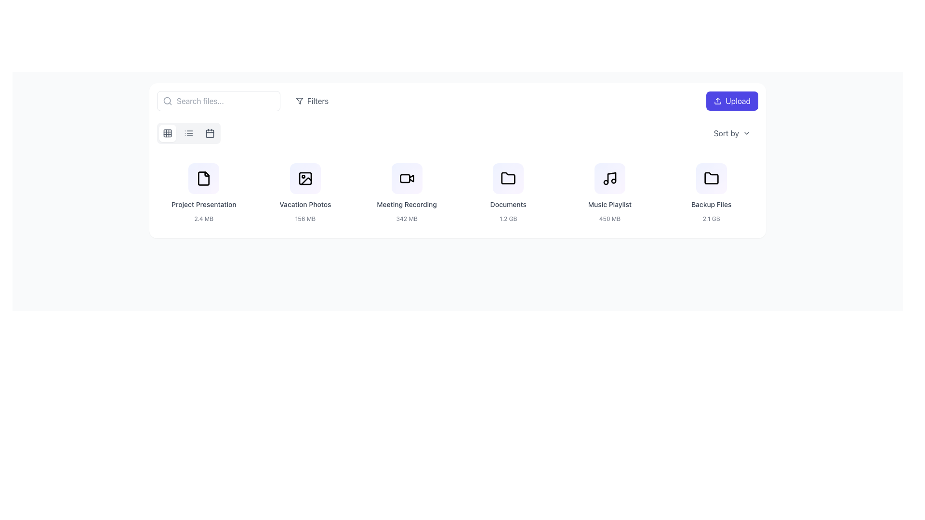 This screenshot has height=520, width=925. Describe the element at coordinates (299, 101) in the screenshot. I see `the triangular-shaped funnel icon located in the header section next to the 'Filters' label` at that location.